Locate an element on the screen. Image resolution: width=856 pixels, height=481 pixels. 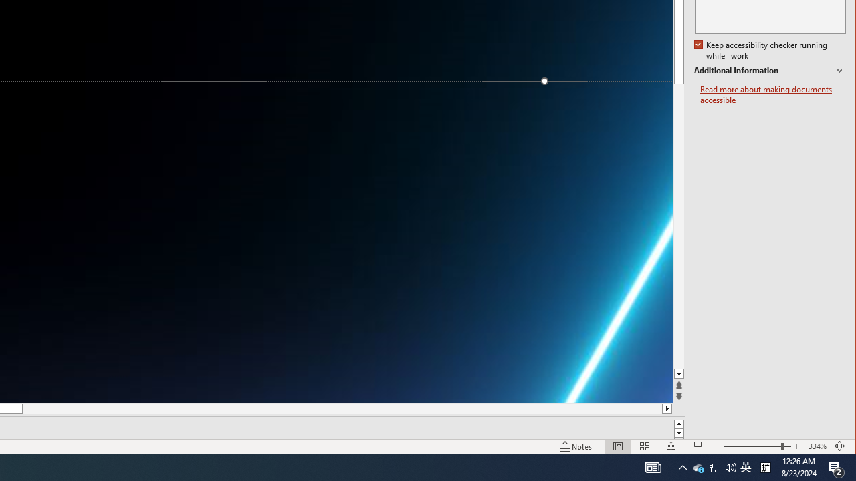
'Read more about making documents accessible' is located at coordinates (772, 94).